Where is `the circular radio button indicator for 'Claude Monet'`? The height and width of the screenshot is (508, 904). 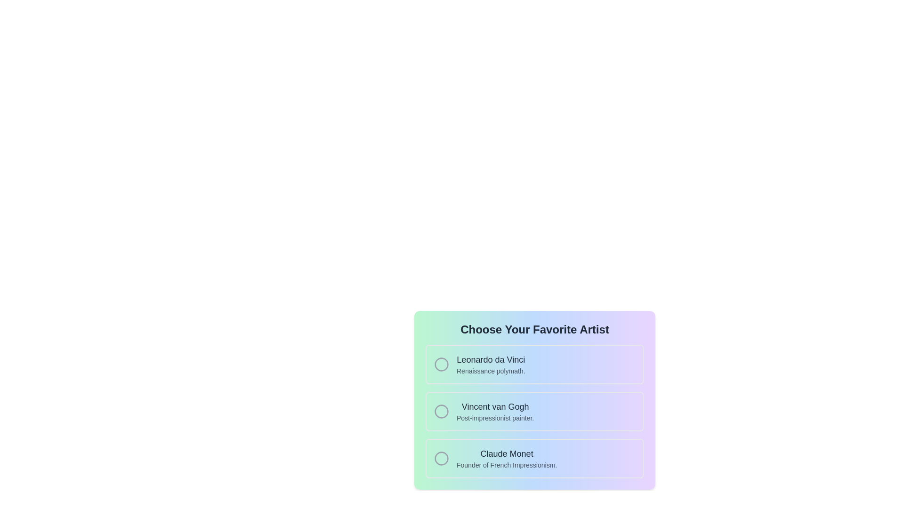
the circular radio button indicator for 'Claude Monet' is located at coordinates (441, 458).